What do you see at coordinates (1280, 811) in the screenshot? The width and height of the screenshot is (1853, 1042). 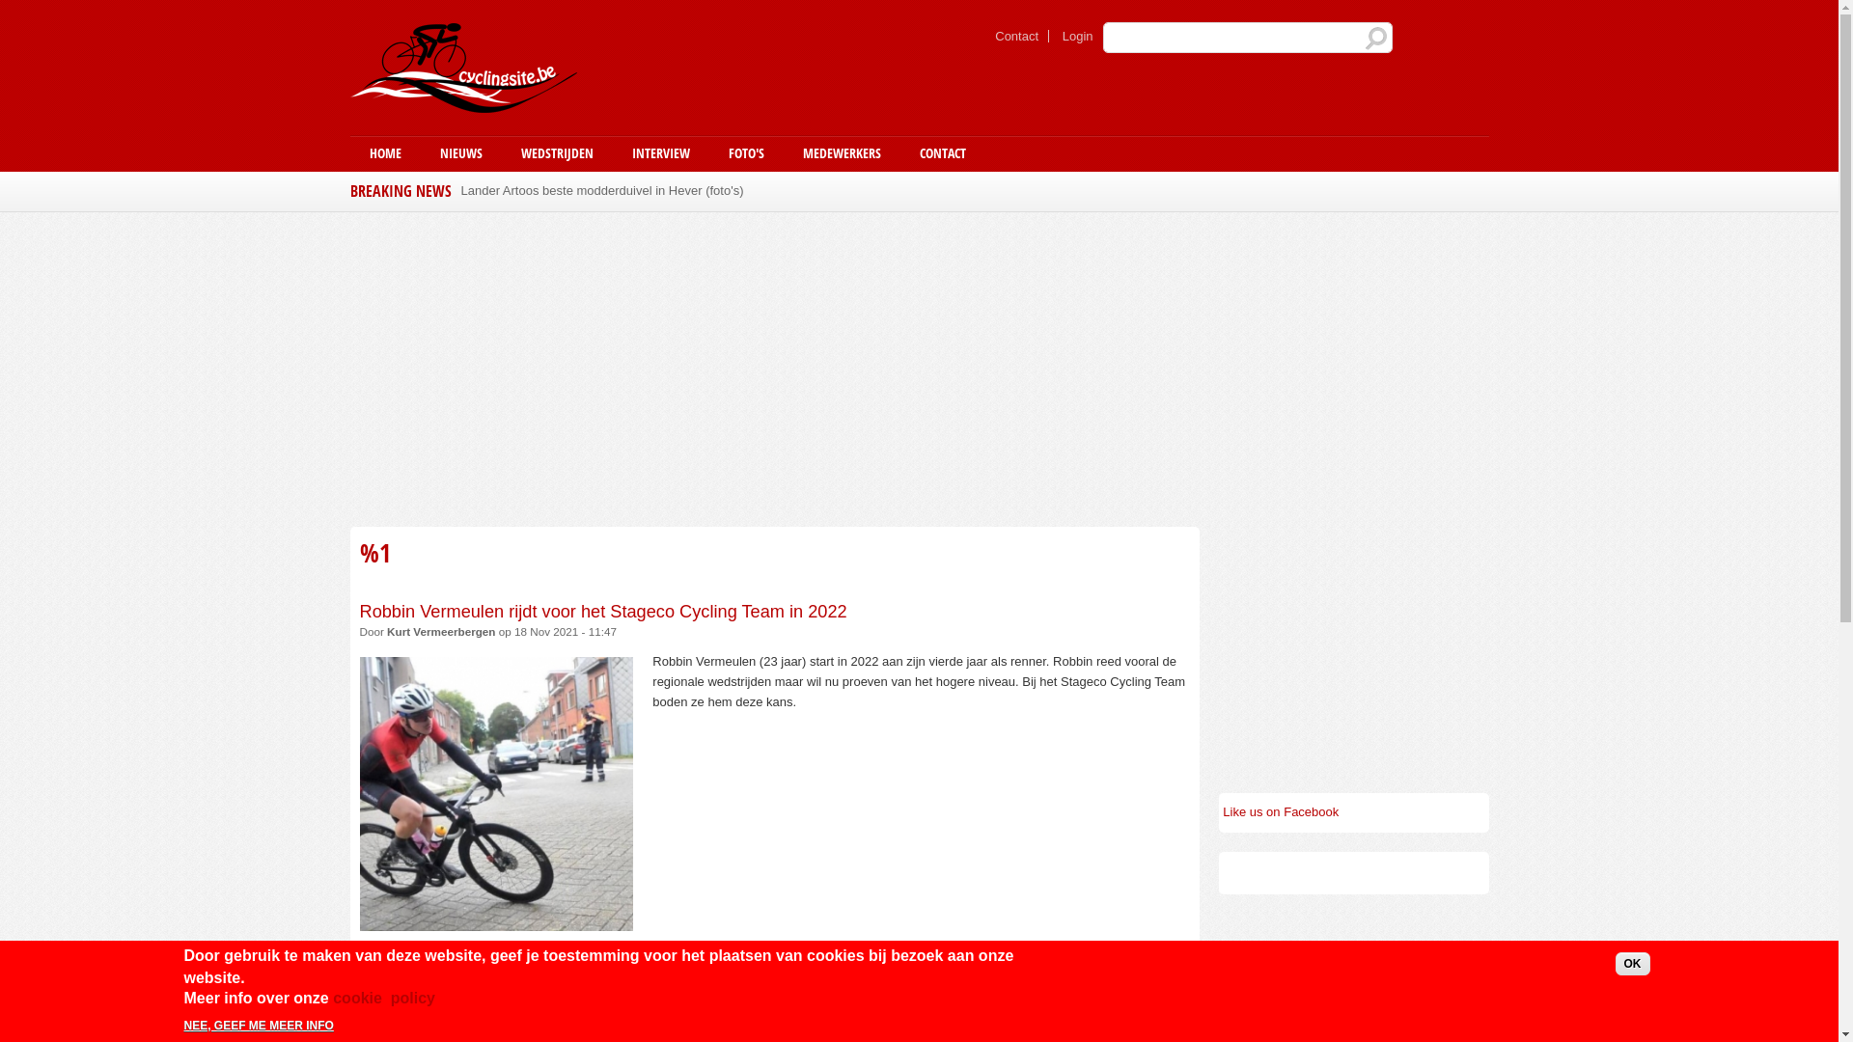 I see `'Like us on Facebook'` at bounding box center [1280, 811].